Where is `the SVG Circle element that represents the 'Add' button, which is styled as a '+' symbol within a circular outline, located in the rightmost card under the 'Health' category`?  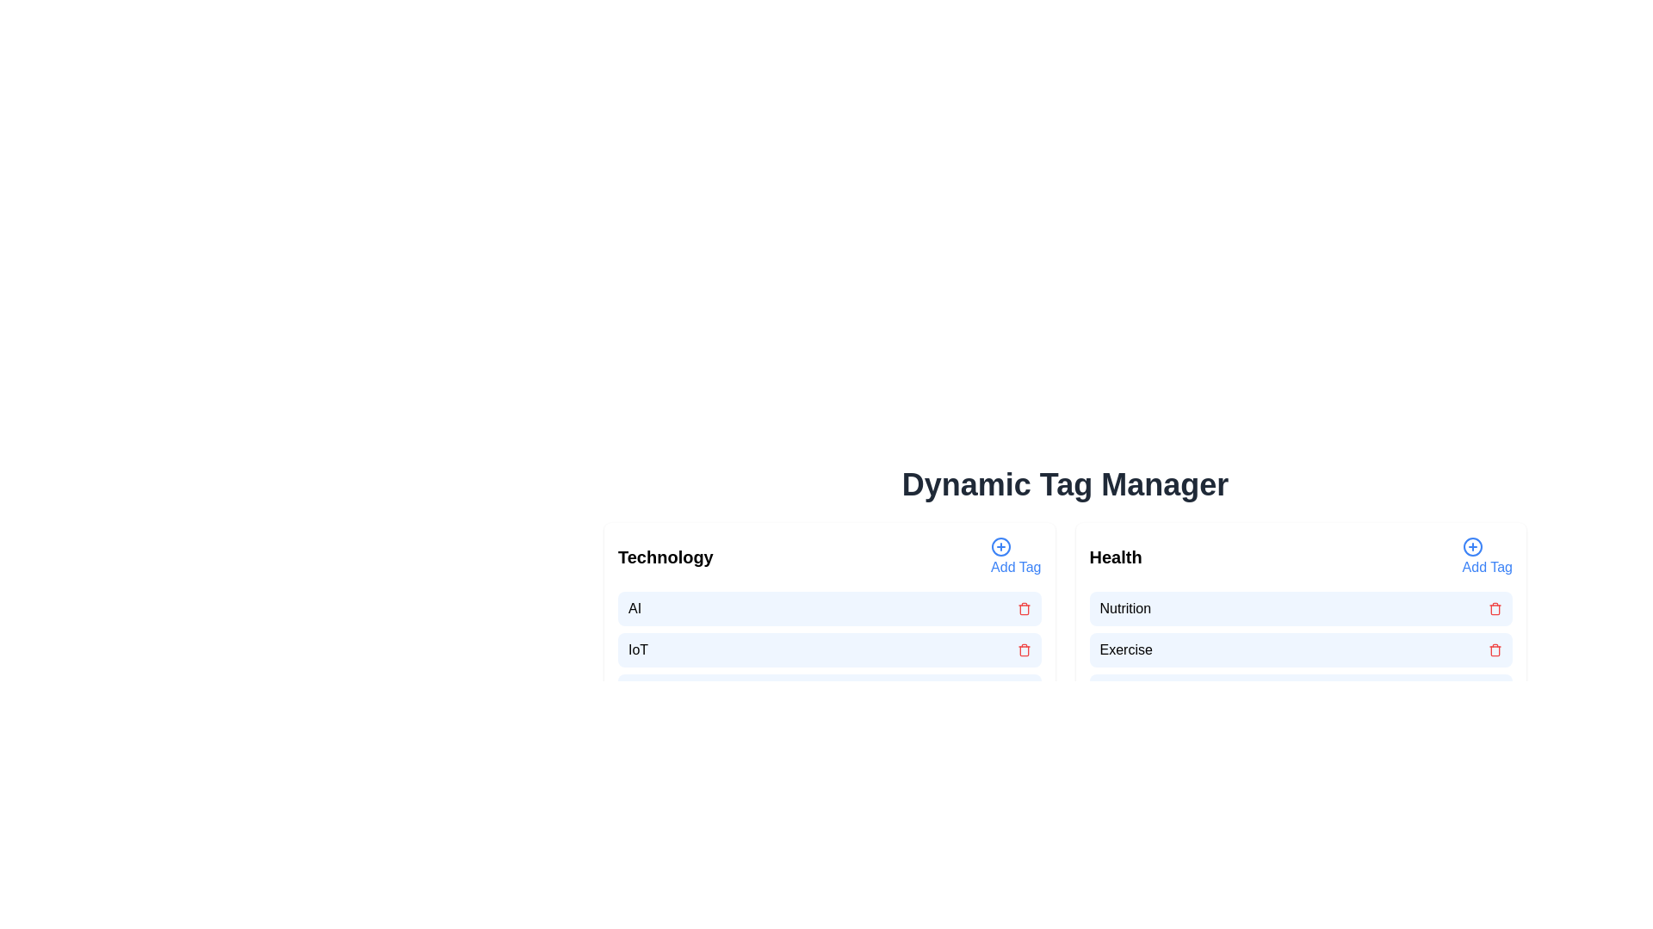
the SVG Circle element that represents the 'Add' button, which is styled as a '+' symbol within a circular outline, located in the rightmost card under the 'Health' category is located at coordinates (1471, 547).